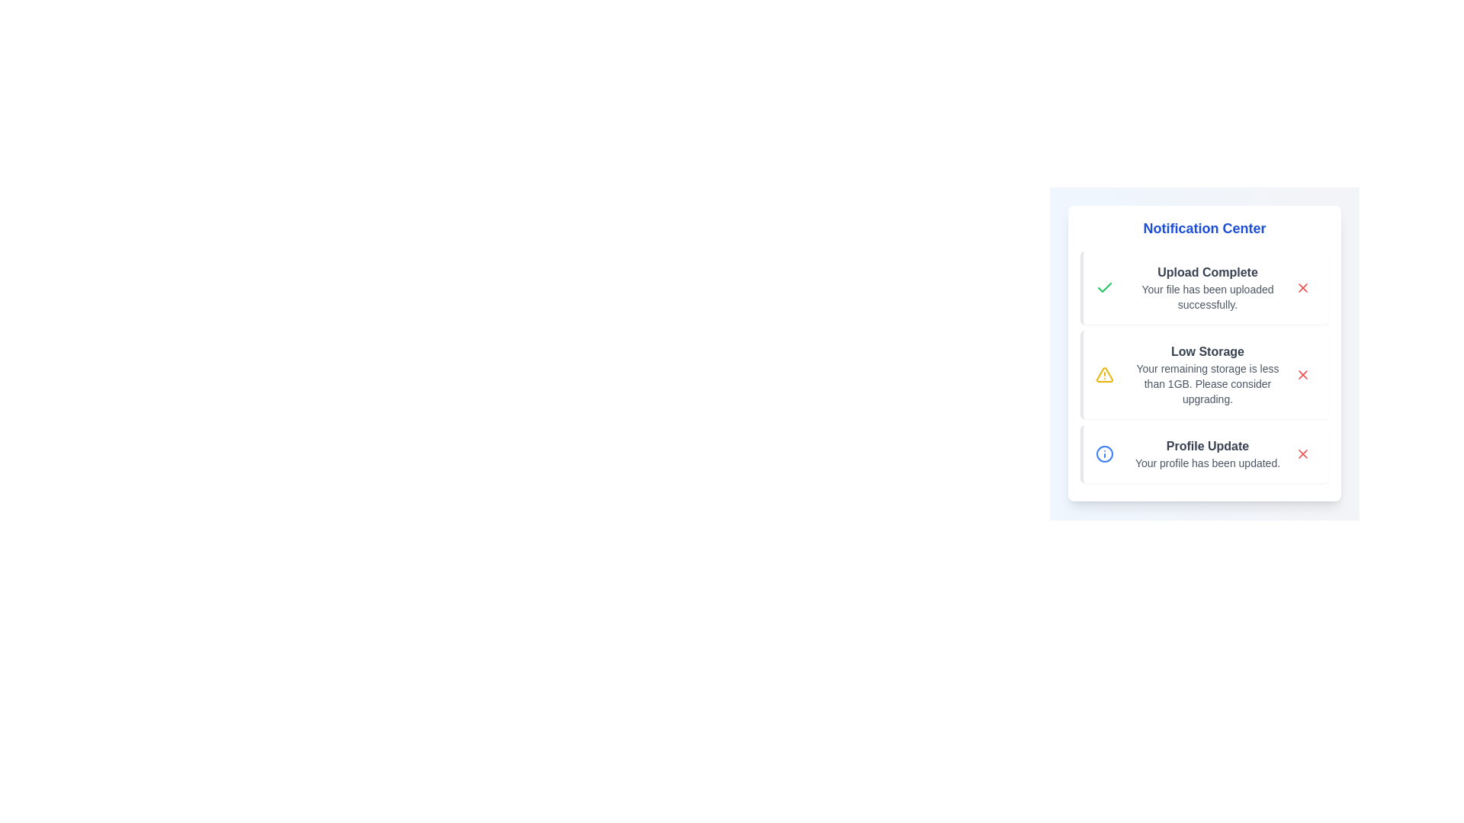 This screenshot has height=823, width=1464. Describe the element at coordinates (1203, 229) in the screenshot. I see `the text label at the top of the notification panel, which serves as the title indicating the purpose of the displayed content` at that location.